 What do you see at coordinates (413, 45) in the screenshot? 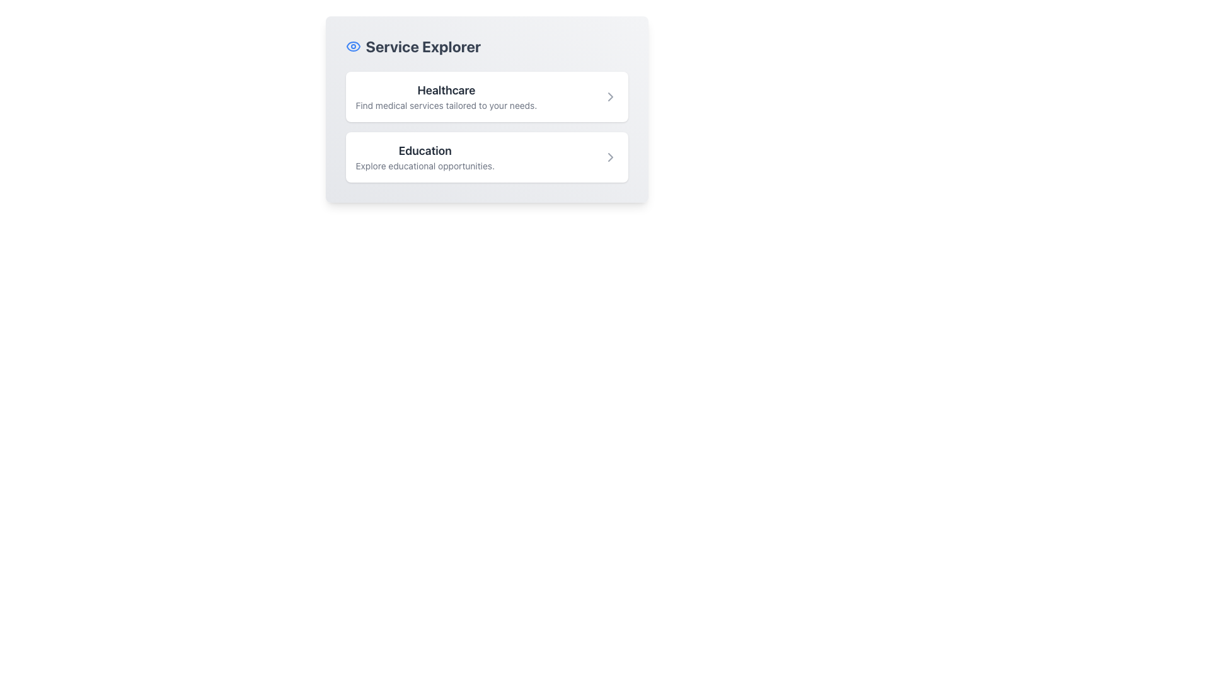
I see `the 'Service Explorer' header` at bounding box center [413, 45].